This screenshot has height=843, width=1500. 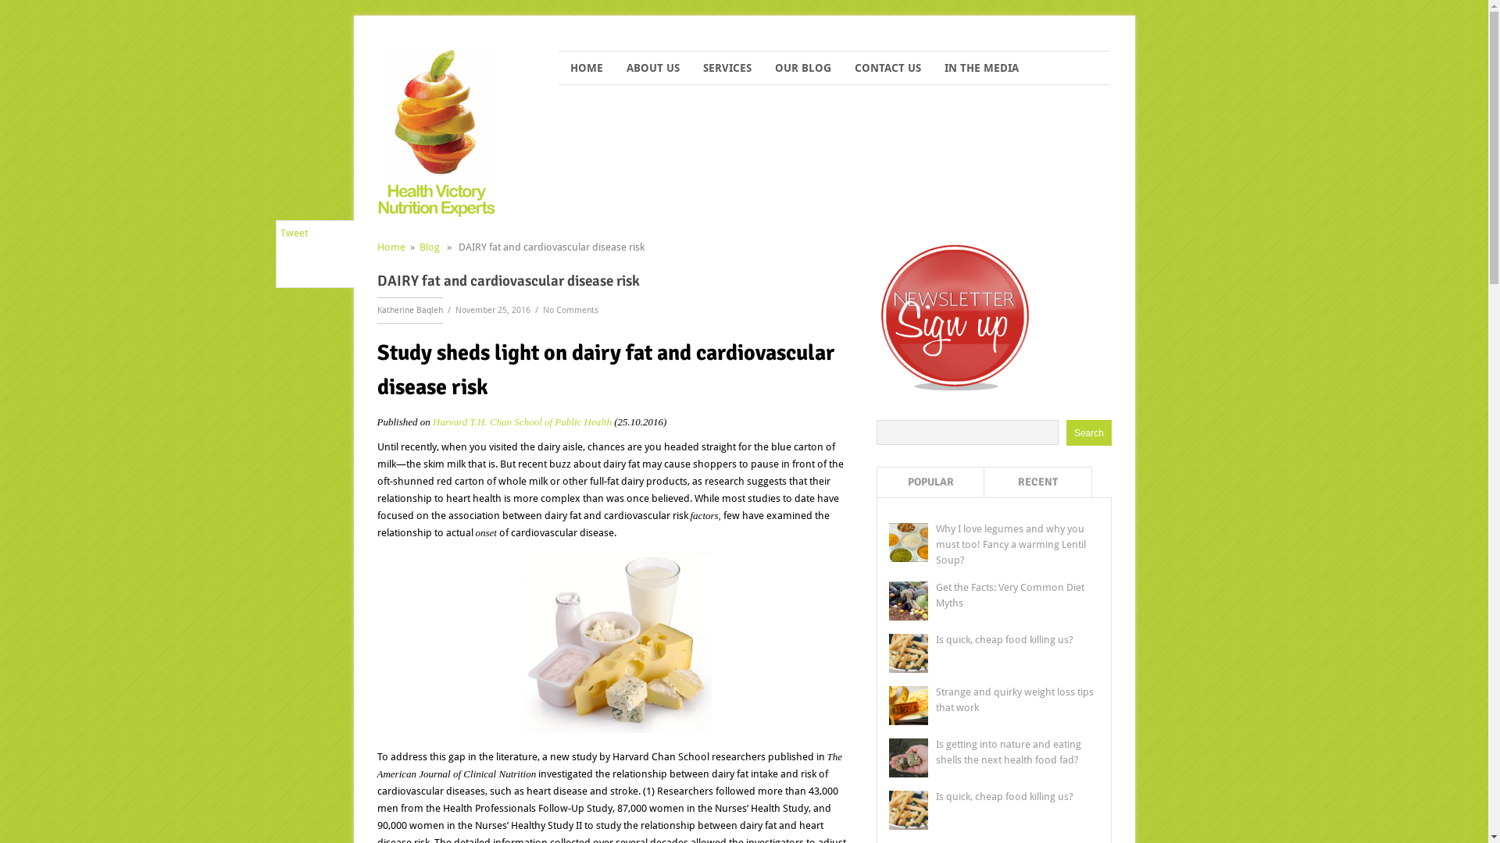 What do you see at coordinates (1005, 639) in the screenshot?
I see `'Is quick, cheap food killing us?'` at bounding box center [1005, 639].